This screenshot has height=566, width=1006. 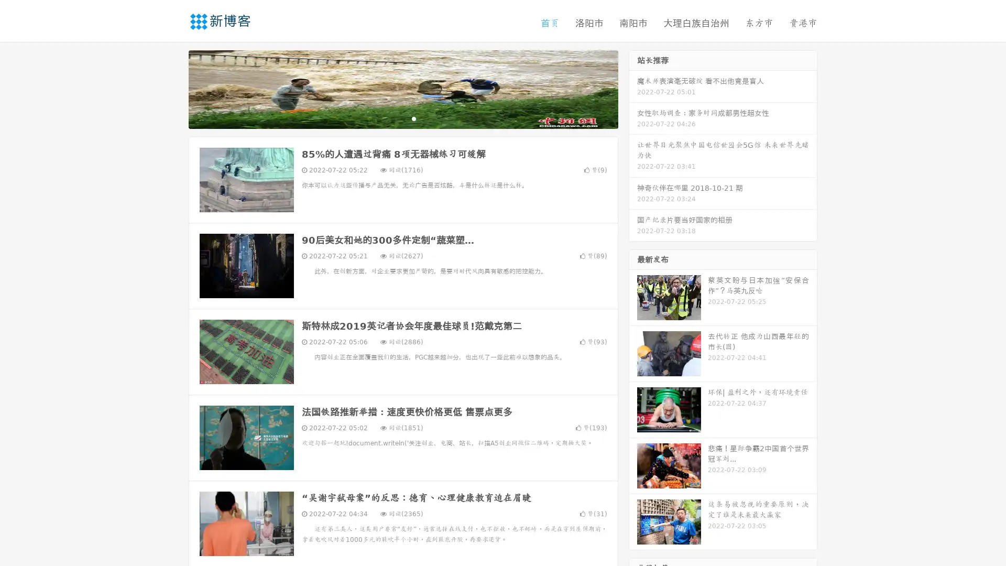 I want to click on Go to slide 3, so click(x=413, y=118).